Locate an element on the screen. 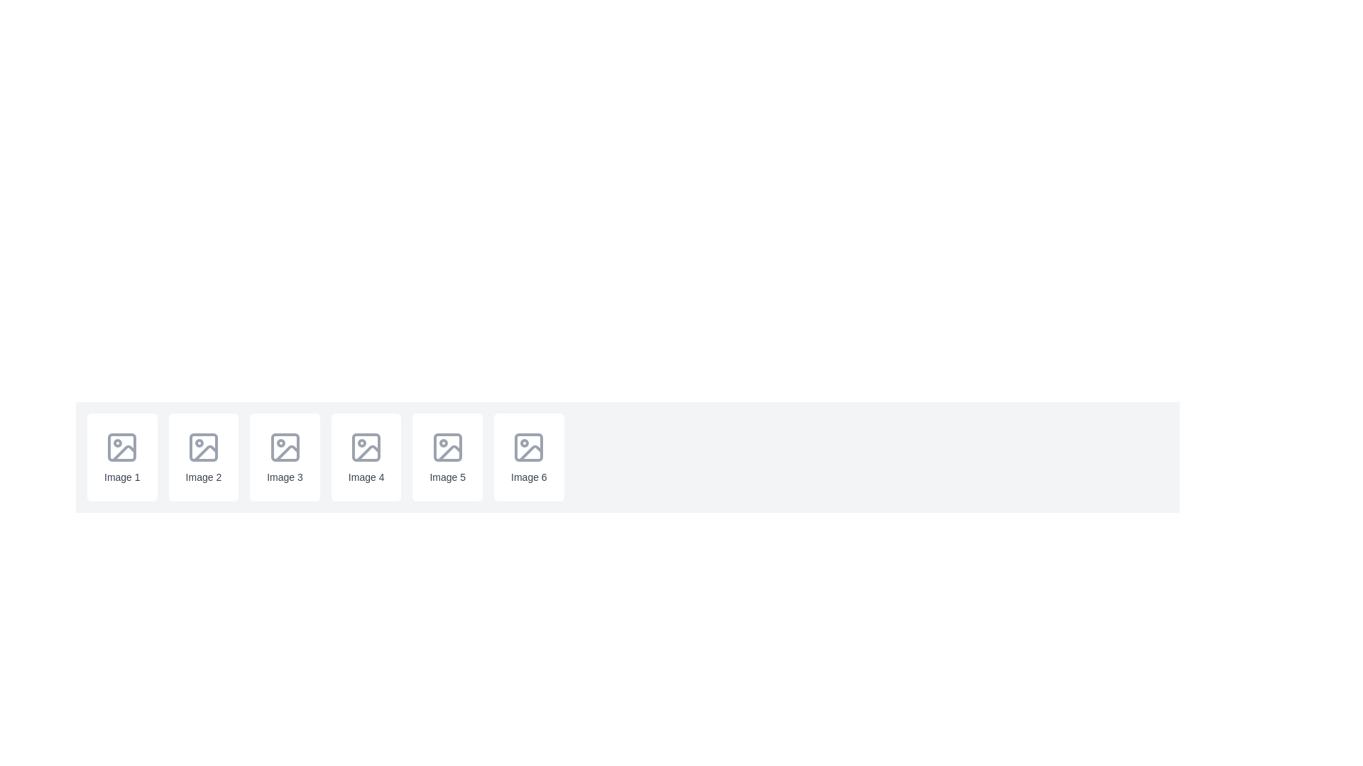  the first interactive grid item containing a gray icon resembling an image and the label 'Image 1' for keyboard navigation is located at coordinates (122, 457).